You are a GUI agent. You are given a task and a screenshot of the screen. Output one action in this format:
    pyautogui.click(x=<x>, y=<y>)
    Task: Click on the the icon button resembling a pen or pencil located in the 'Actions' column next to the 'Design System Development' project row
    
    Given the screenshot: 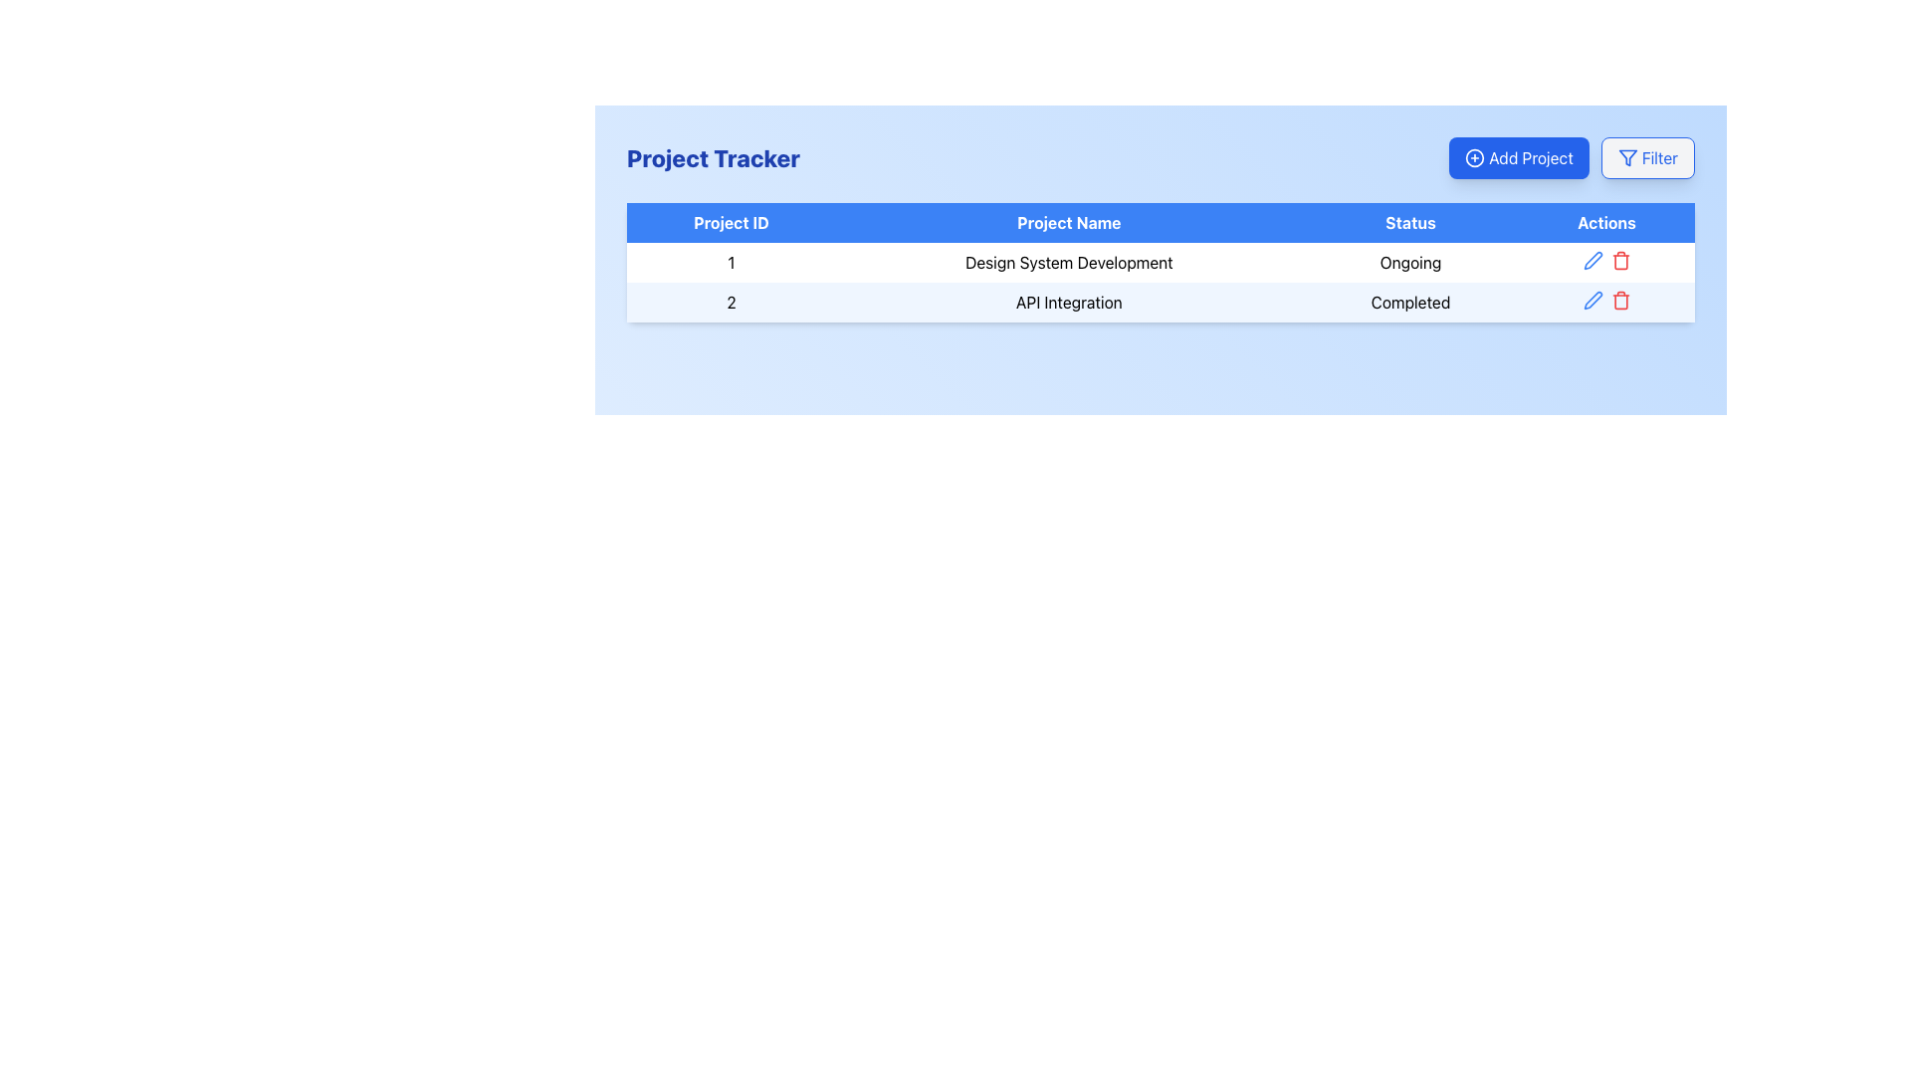 What is the action you would take?
    pyautogui.click(x=1592, y=300)
    